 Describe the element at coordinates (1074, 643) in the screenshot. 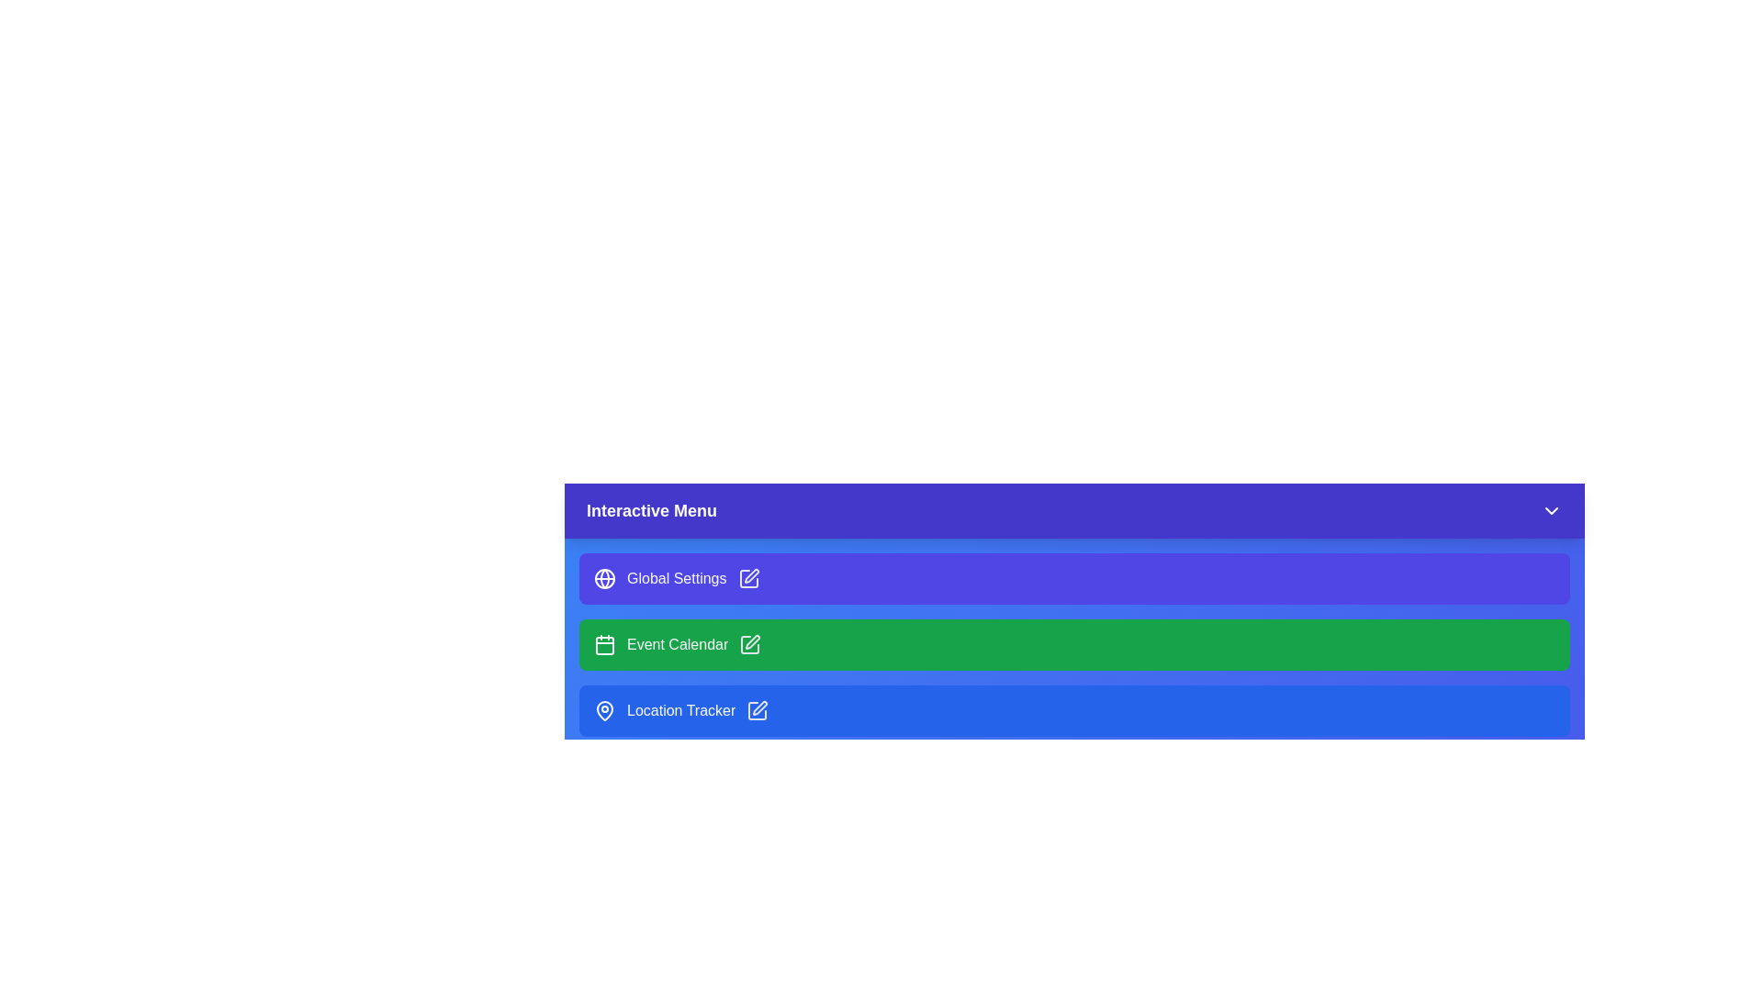

I see `the menu item Event Calendar from the interactive menu` at that location.